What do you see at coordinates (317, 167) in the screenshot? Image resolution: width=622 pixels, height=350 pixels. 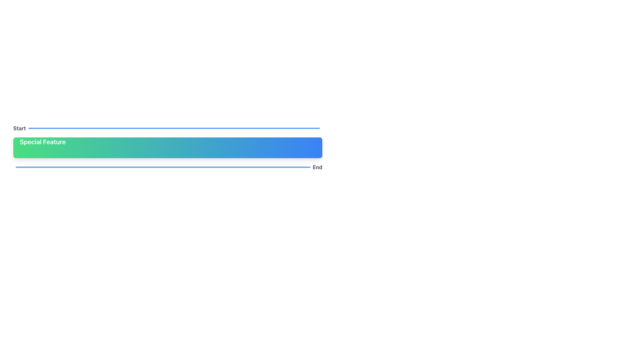 I see `the 'End' label, which indicates the endpoint of a progress bar and is positioned at the right edge of the layout` at bounding box center [317, 167].